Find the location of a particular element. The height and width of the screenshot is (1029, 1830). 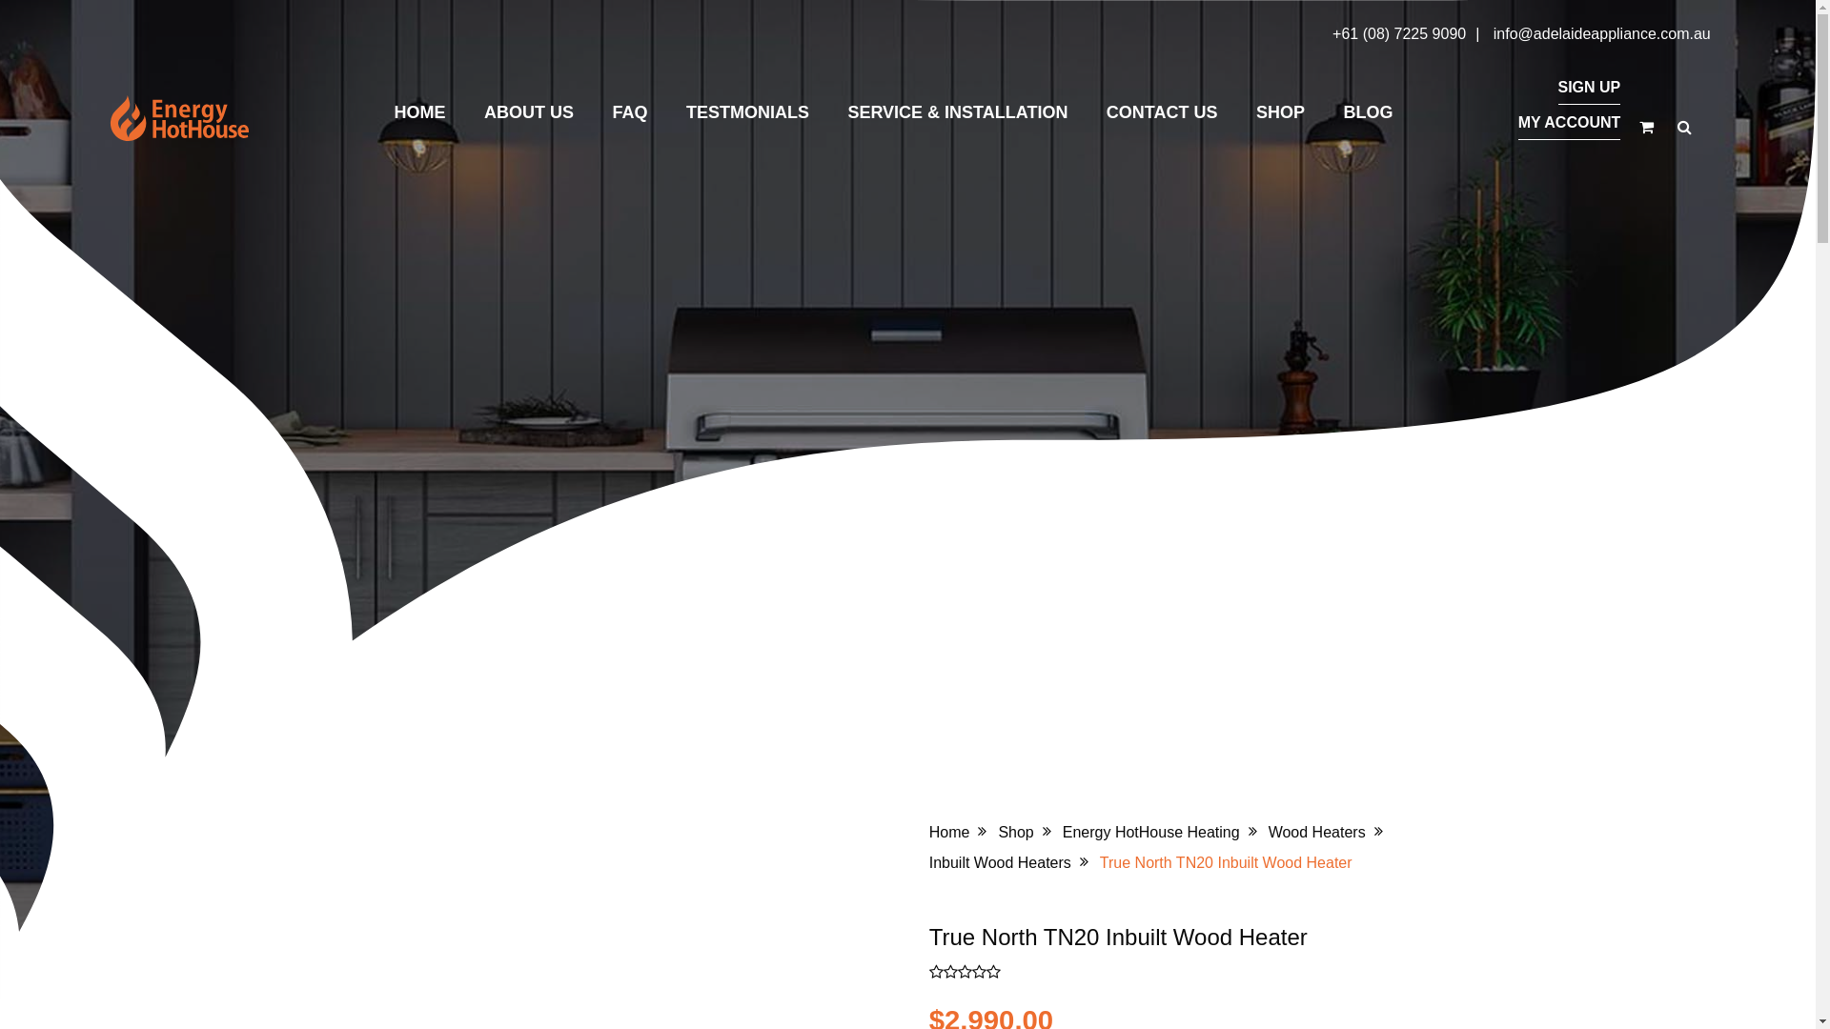

'Shop' is located at coordinates (996, 831).